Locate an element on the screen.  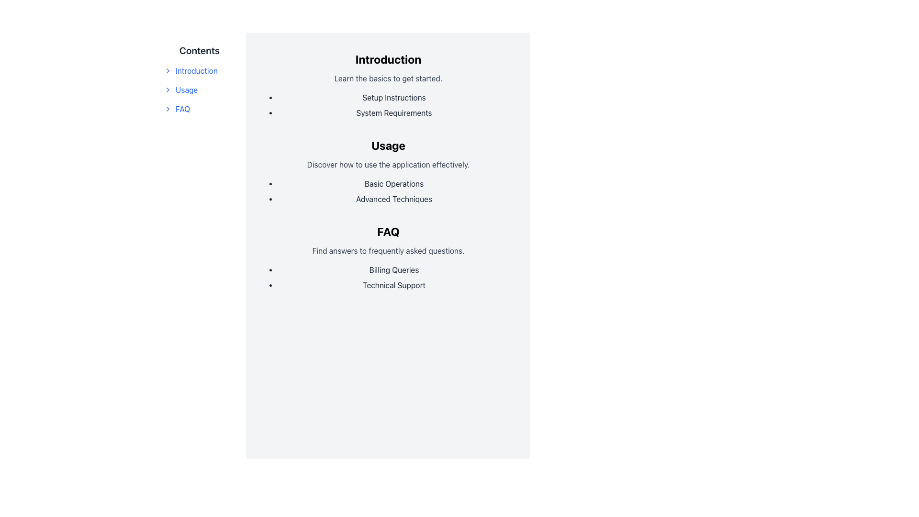
the small, rightward-pointing blue chevron icon located to the left of the 'FAQ' text link in the navigational sidebar under the 'Contents' heading is located at coordinates (168, 108).